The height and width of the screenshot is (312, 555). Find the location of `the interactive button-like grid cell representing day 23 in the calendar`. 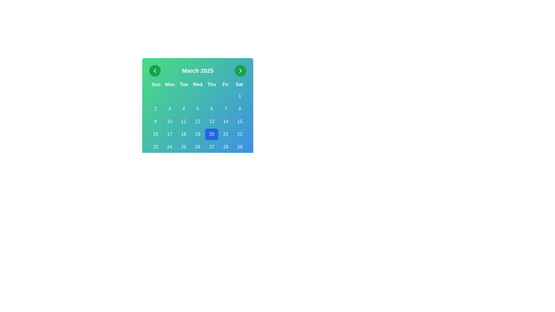

the interactive button-like grid cell representing day 23 in the calendar is located at coordinates (156, 147).